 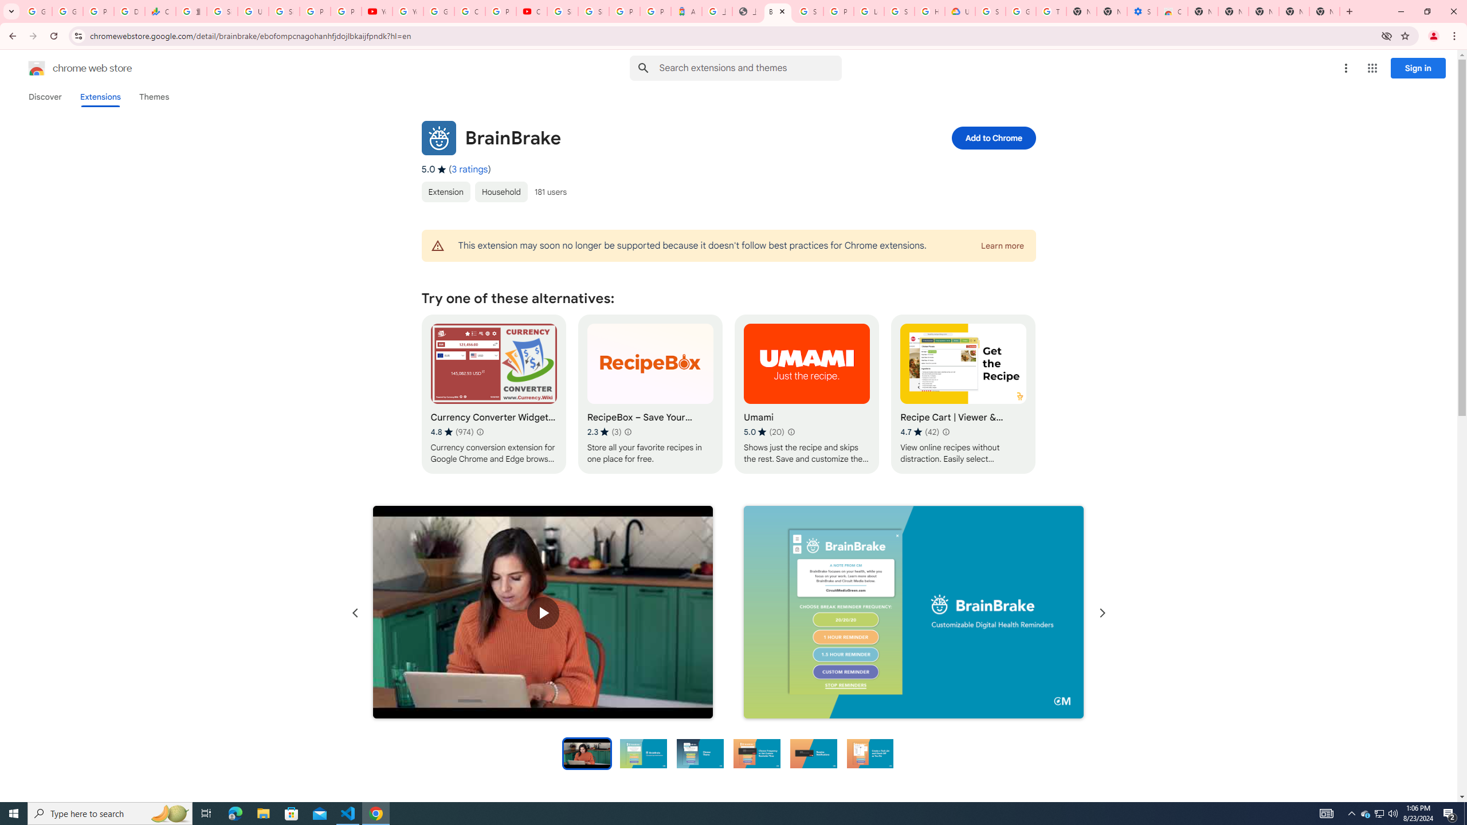 What do you see at coordinates (100, 96) in the screenshot?
I see `'Extensions'` at bounding box center [100, 96].